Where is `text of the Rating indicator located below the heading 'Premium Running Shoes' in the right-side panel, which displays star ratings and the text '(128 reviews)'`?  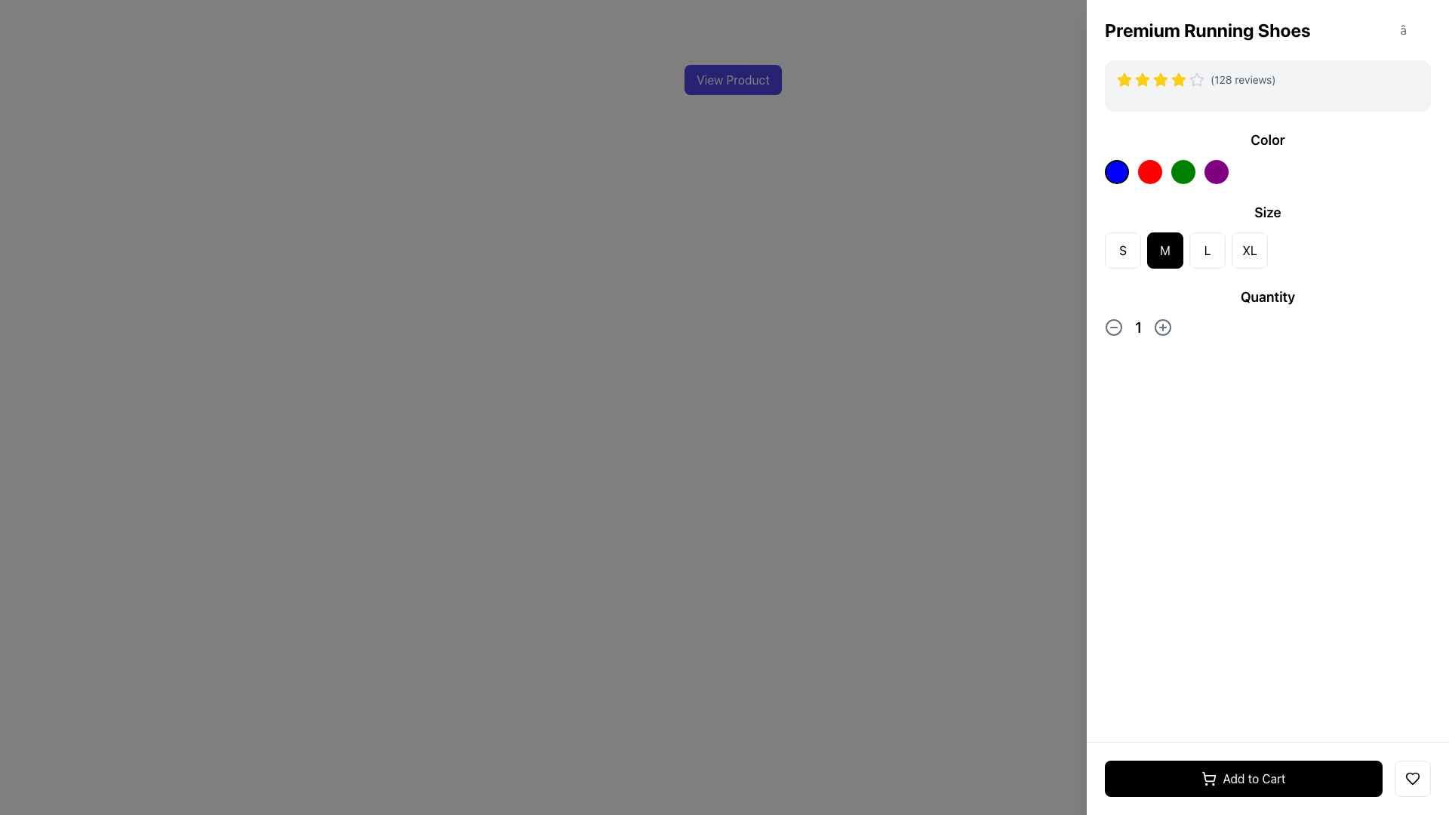
text of the Rating indicator located below the heading 'Premium Running Shoes' in the right-side panel, which displays star ratings and the text '(128 reviews)' is located at coordinates (1268, 86).